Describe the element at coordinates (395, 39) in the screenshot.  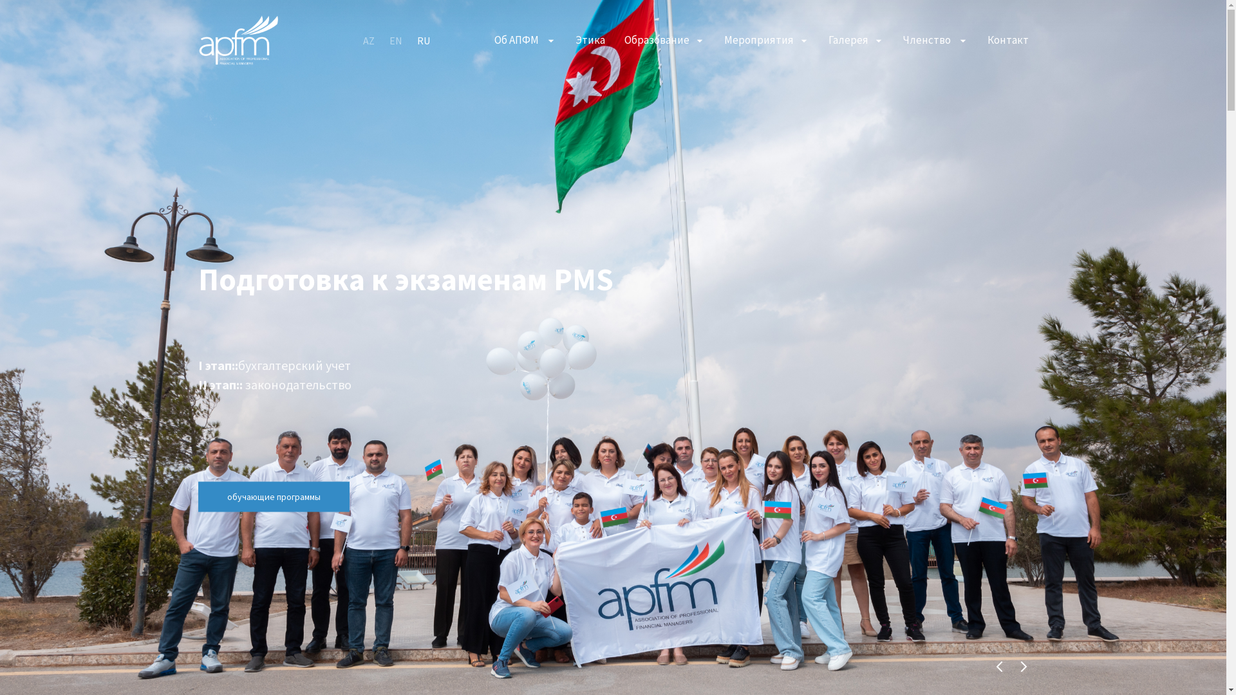
I see `'EN'` at that location.